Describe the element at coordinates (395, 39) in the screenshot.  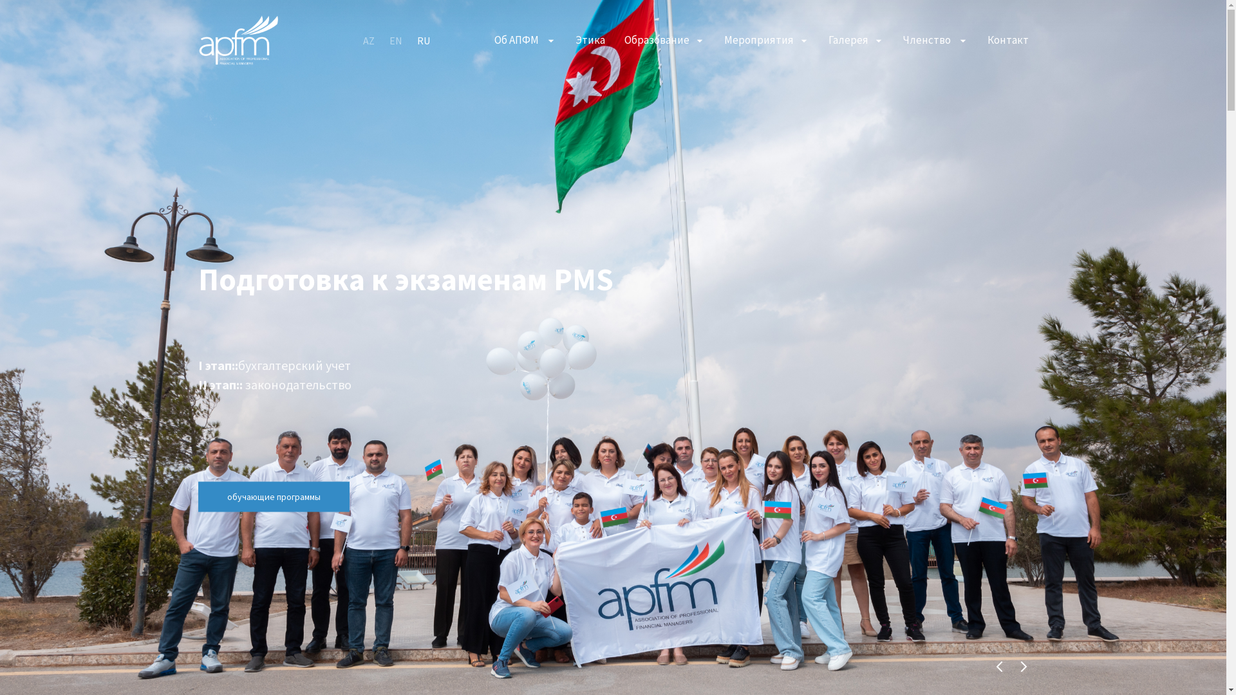
I see `'EN'` at that location.